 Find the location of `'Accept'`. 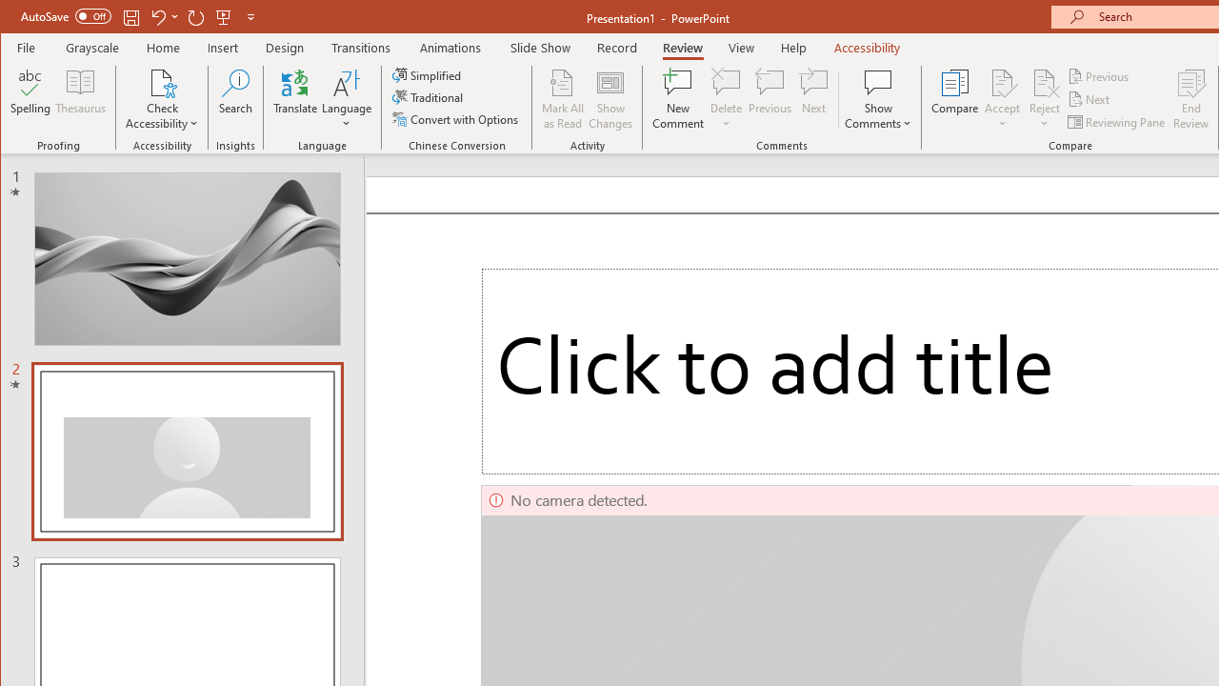

'Accept' is located at coordinates (1001, 99).